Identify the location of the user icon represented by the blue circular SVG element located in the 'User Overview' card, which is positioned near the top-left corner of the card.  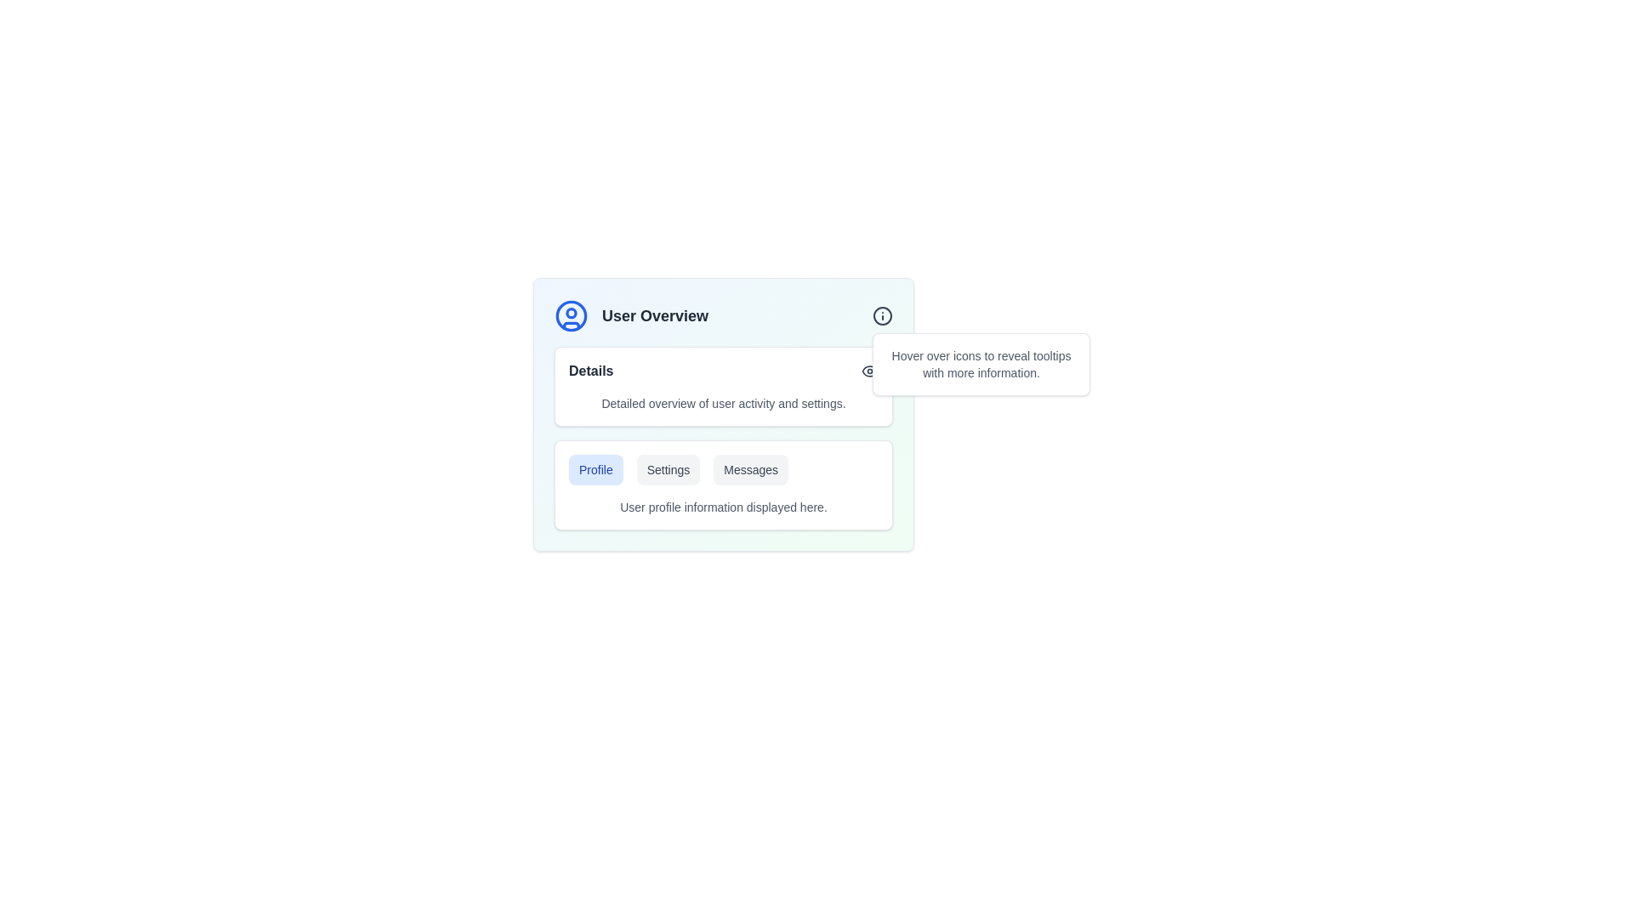
(572, 315).